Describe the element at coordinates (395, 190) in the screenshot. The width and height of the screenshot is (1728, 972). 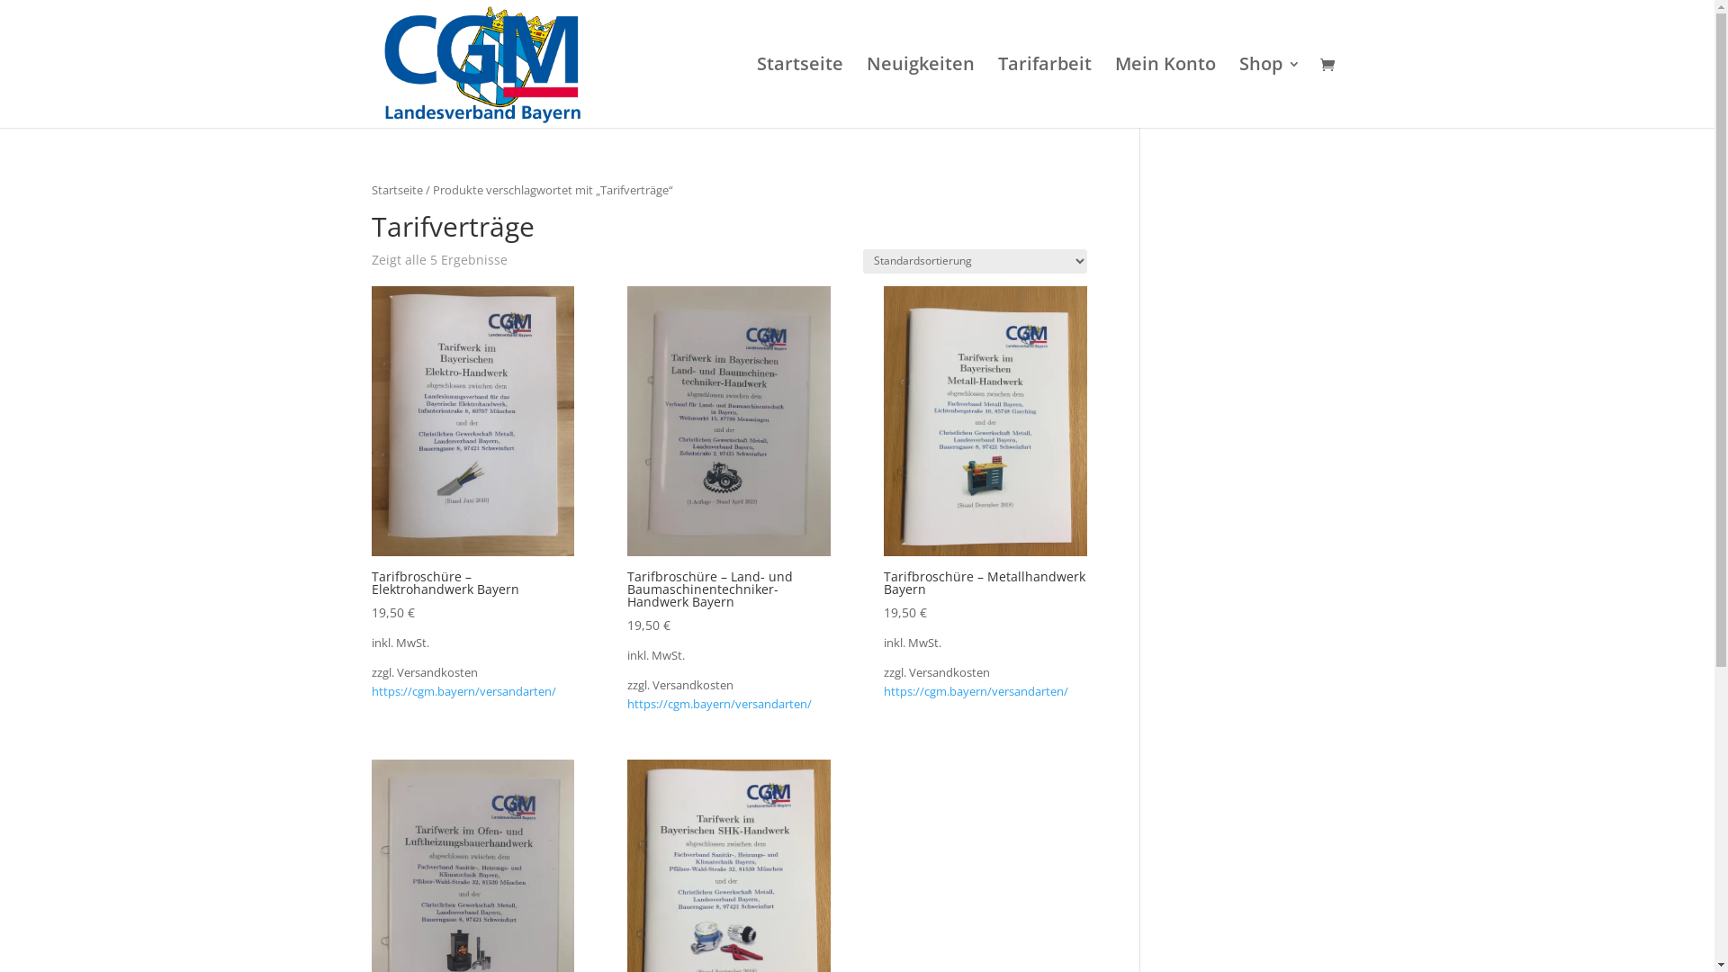
I see `'Startseite'` at that location.